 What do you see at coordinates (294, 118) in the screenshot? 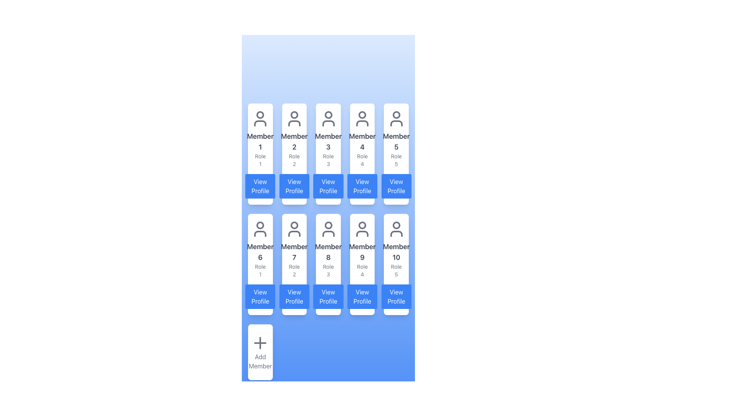
I see `the user icon located at the top of the card labeled 'Member 2 Role 2' in the second column of the grid layout` at bounding box center [294, 118].